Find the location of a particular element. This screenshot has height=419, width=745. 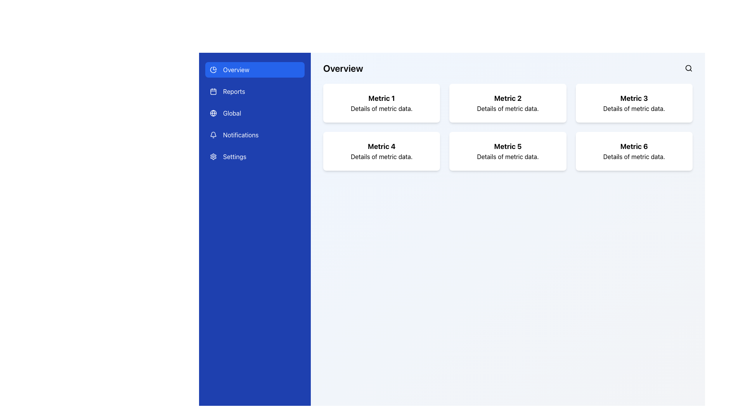

text from the Text Label displaying 'Details of metric data.' inside the 'Metric 4' card located in the second row and first column of the grid layout is located at coordinates (381, 157).